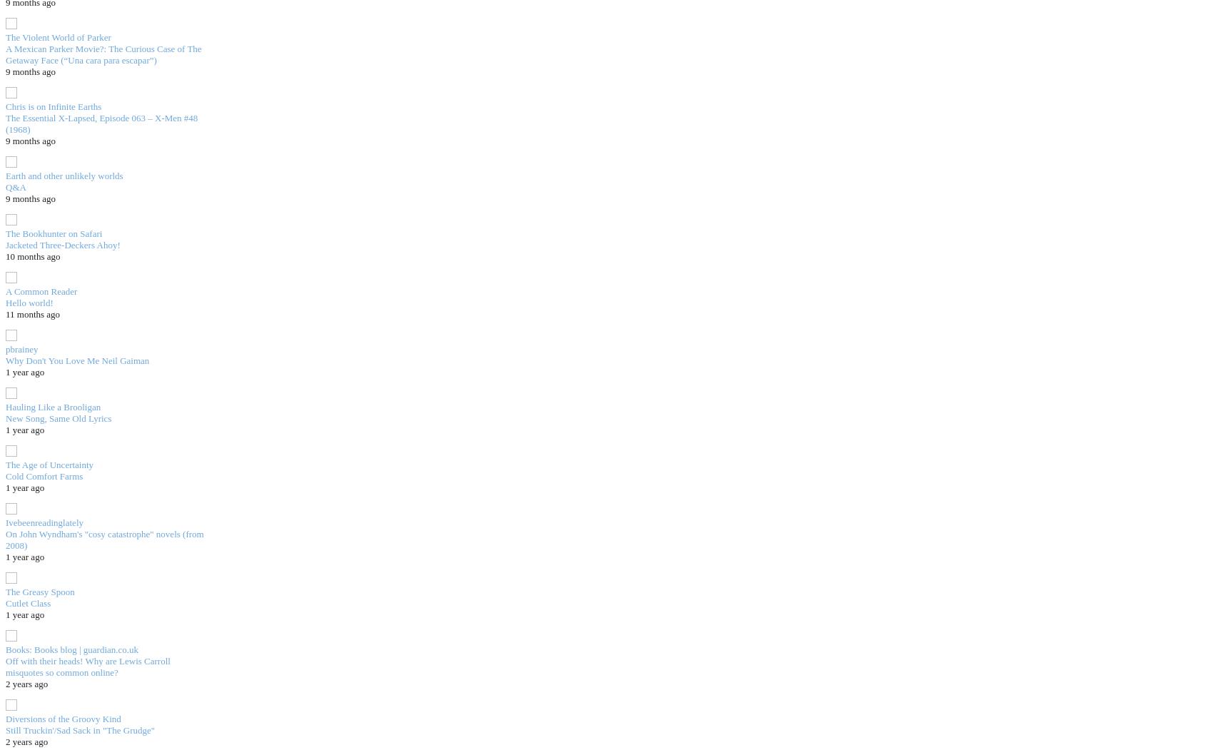  What do you see at coordinates (49, 464) in the screenshot?
I see `'The Age of Uncertainty'` at bounding box center [49, 464].